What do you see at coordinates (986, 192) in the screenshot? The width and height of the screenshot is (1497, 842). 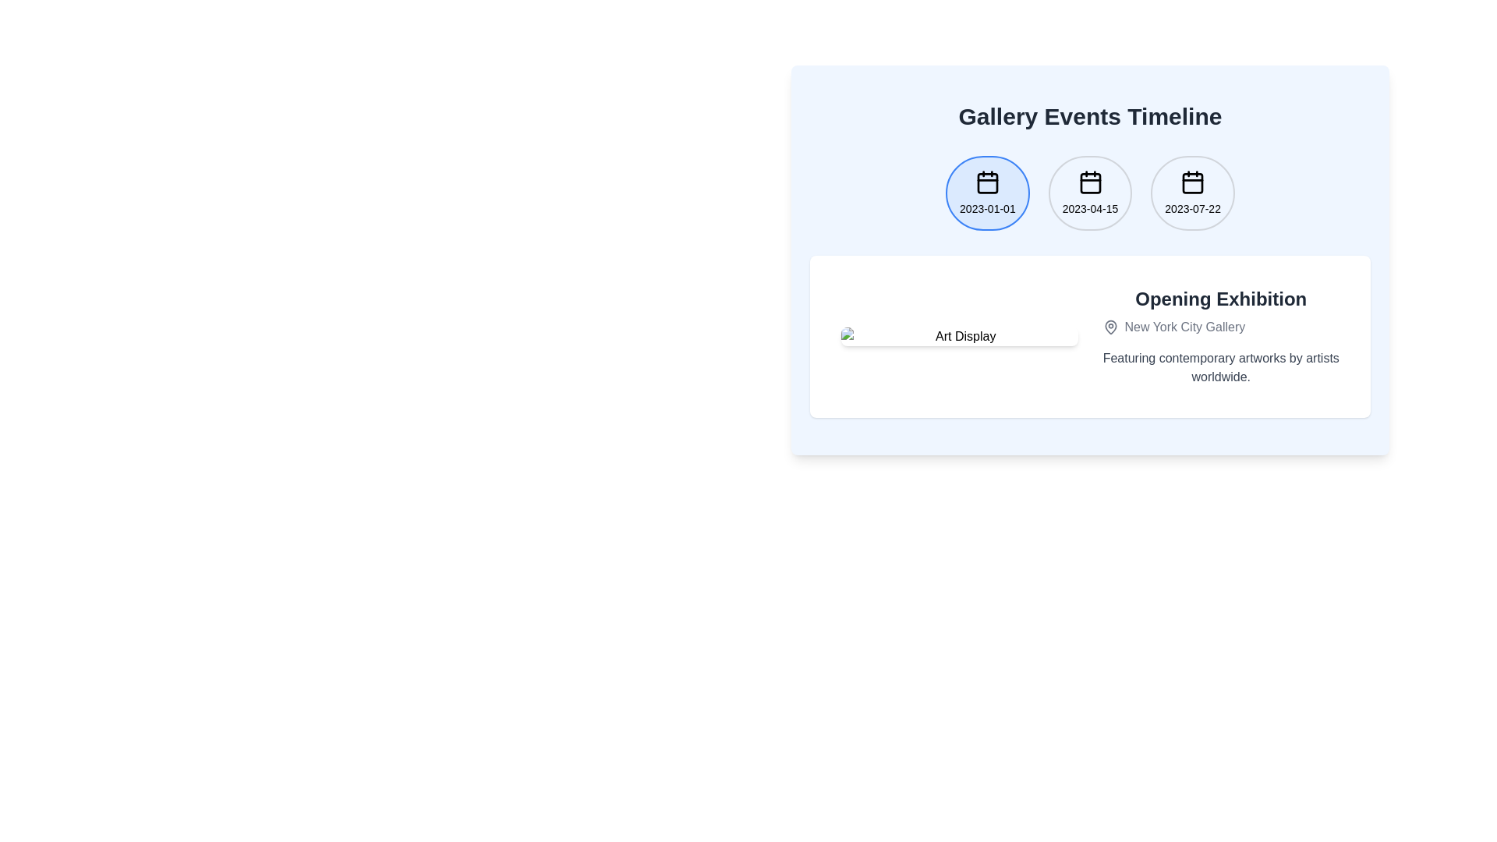 I see `the first button in the 'Gallery Events Timeline' section` at bounding box center [986, 192].